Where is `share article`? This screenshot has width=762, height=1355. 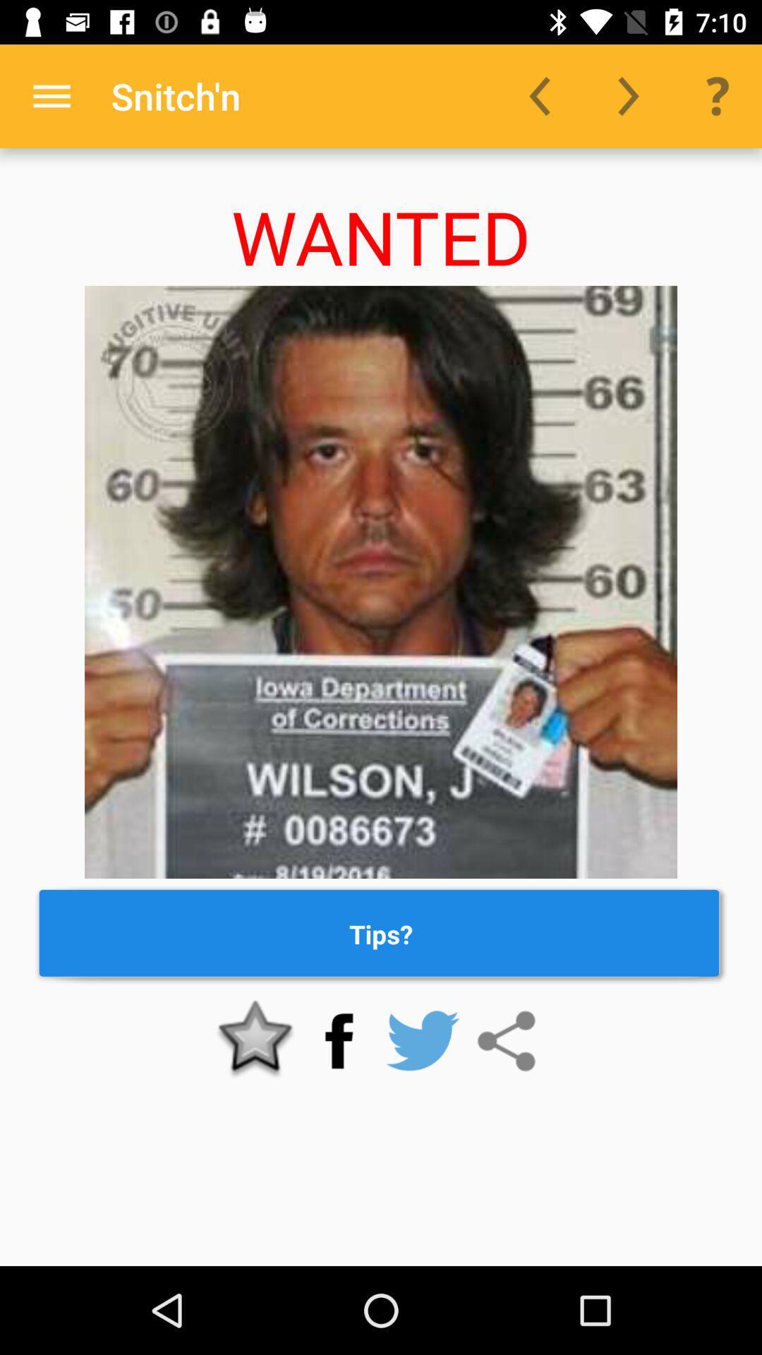
share article is located at coordinates (505, 1041).